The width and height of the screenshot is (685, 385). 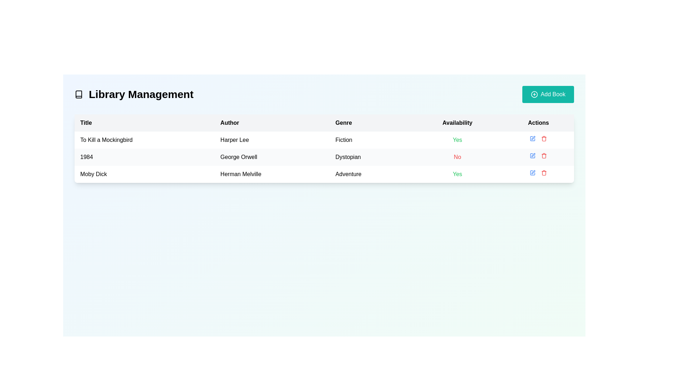 What do you see at coordinates (457, 156) in the screenshot?
I see `the text label indicating the unavailability of the book '1984' in the 'Availability' column of the 'Library Management' table` at bounding box center [457, 156].